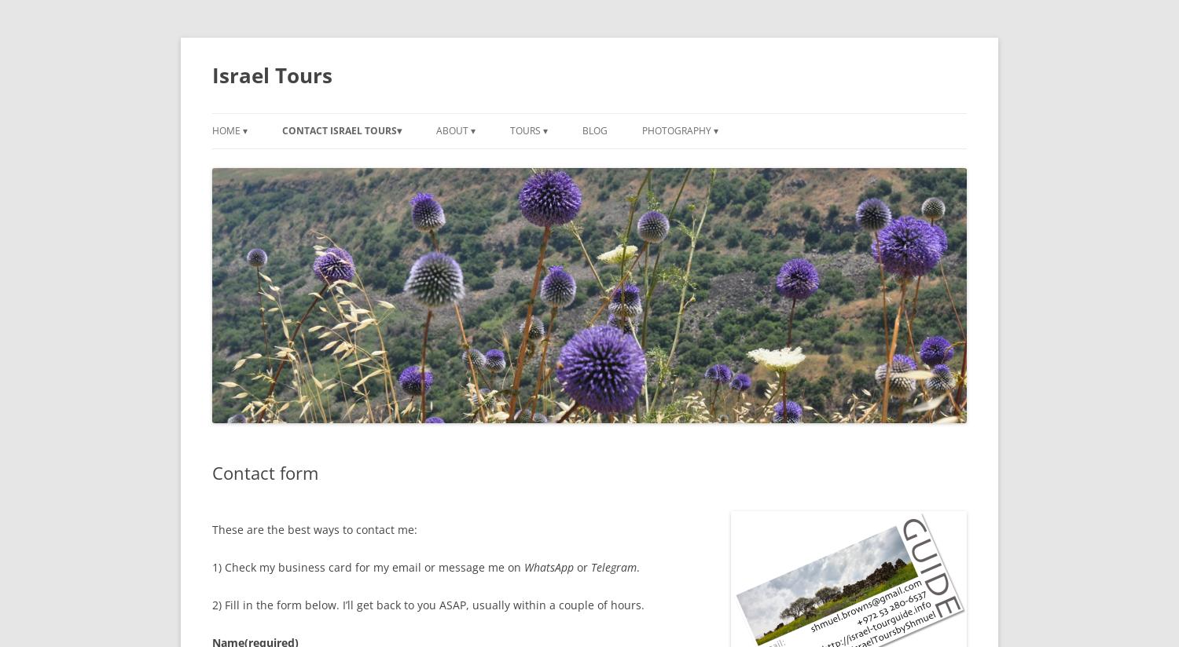 This screenshot has width=1179, height=647. I want to click on 'Contact form', so click(264, 473).